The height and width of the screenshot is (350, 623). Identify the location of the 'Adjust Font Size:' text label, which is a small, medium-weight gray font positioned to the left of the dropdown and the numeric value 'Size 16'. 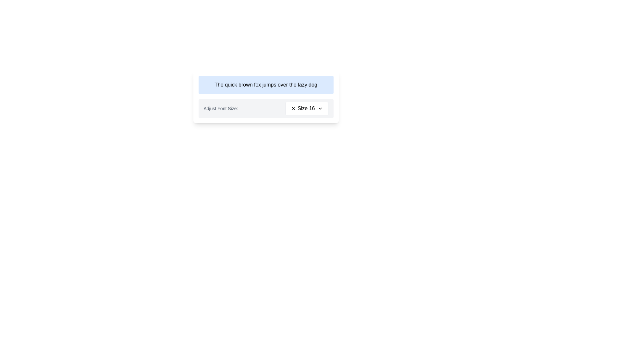
(221, 108).